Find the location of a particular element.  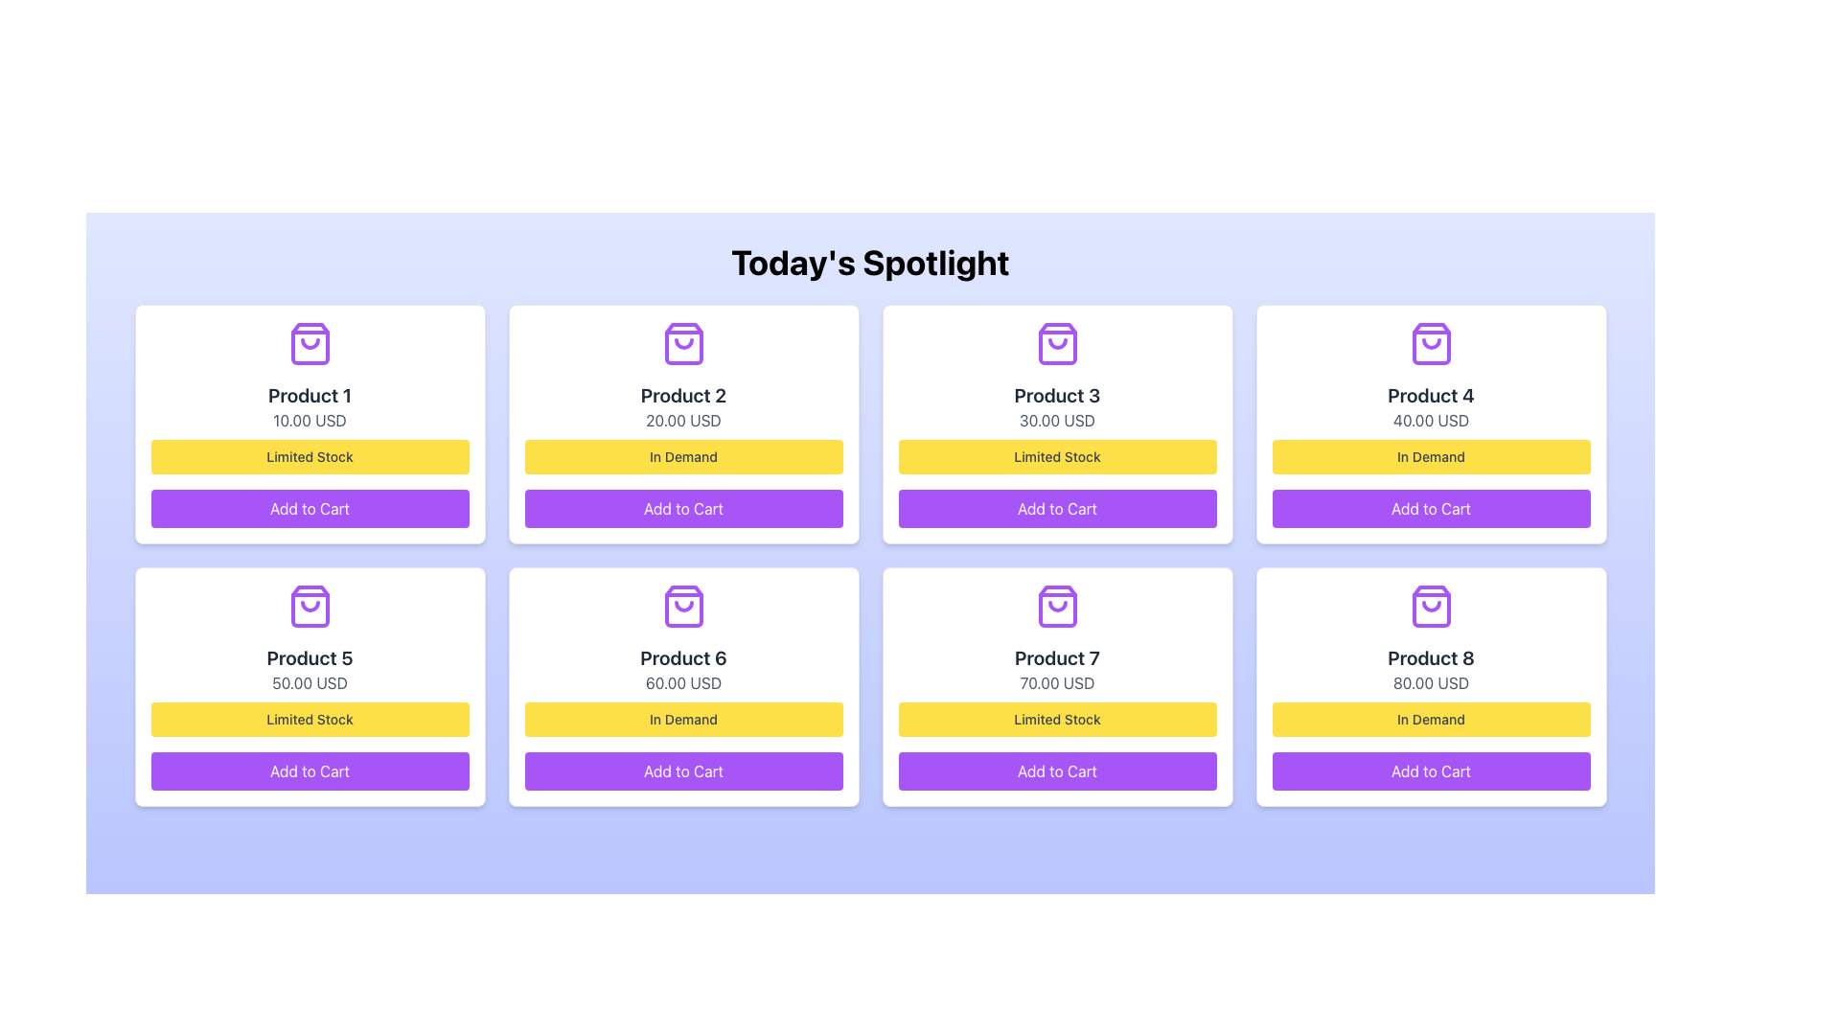

the 'Add to Cart' button with a purple background located in the product card for 'Product 7' is located at coordinates (1056, 770).